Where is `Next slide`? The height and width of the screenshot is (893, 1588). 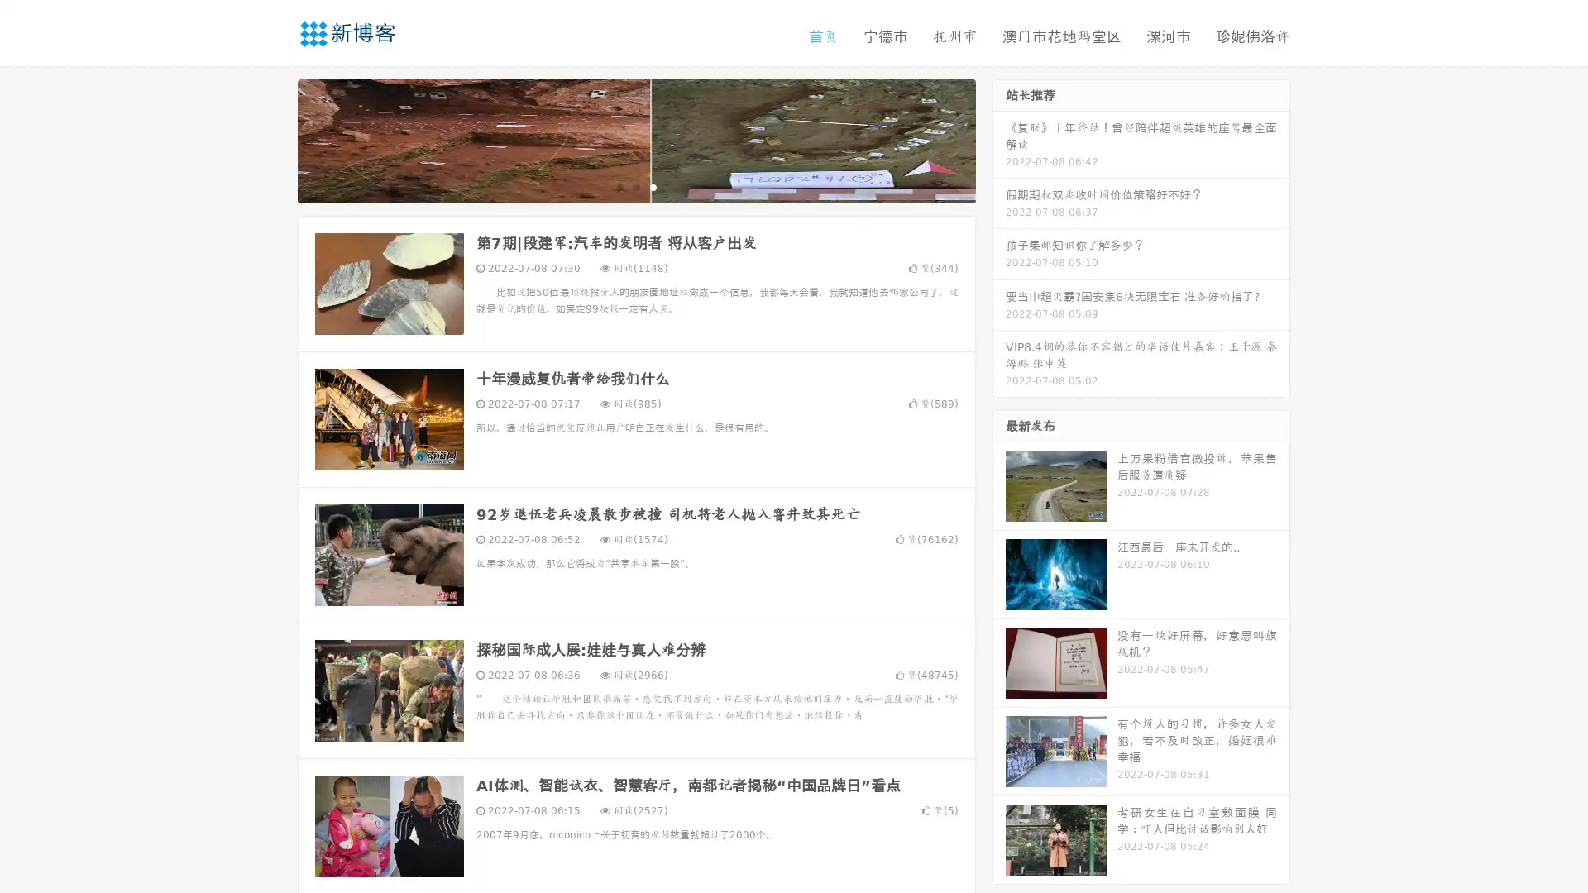 Next slide is located at coordinates (999, 139).